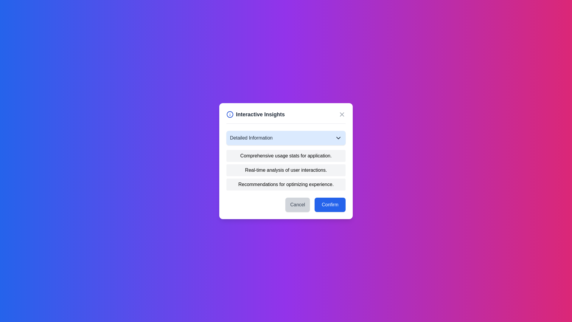 This screenshot has width=572, height=322. I want to click on the 'Cancel' button, which is a rectangular button with slightly rounded corners, light gray in color and dark gray text, located at the bottom left of the dialog box, so click(298, 204).